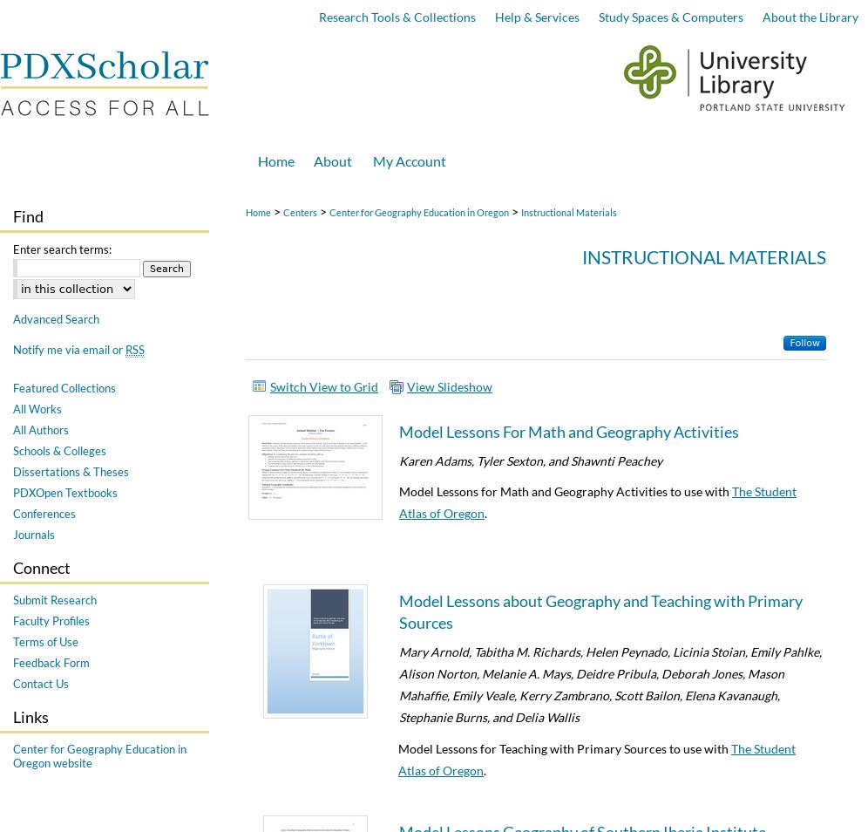  Describe the element at coordinates (564, 489) in the screenshot. I see `'Model Lessons for Math and Geography Activities to use with'` at that location.